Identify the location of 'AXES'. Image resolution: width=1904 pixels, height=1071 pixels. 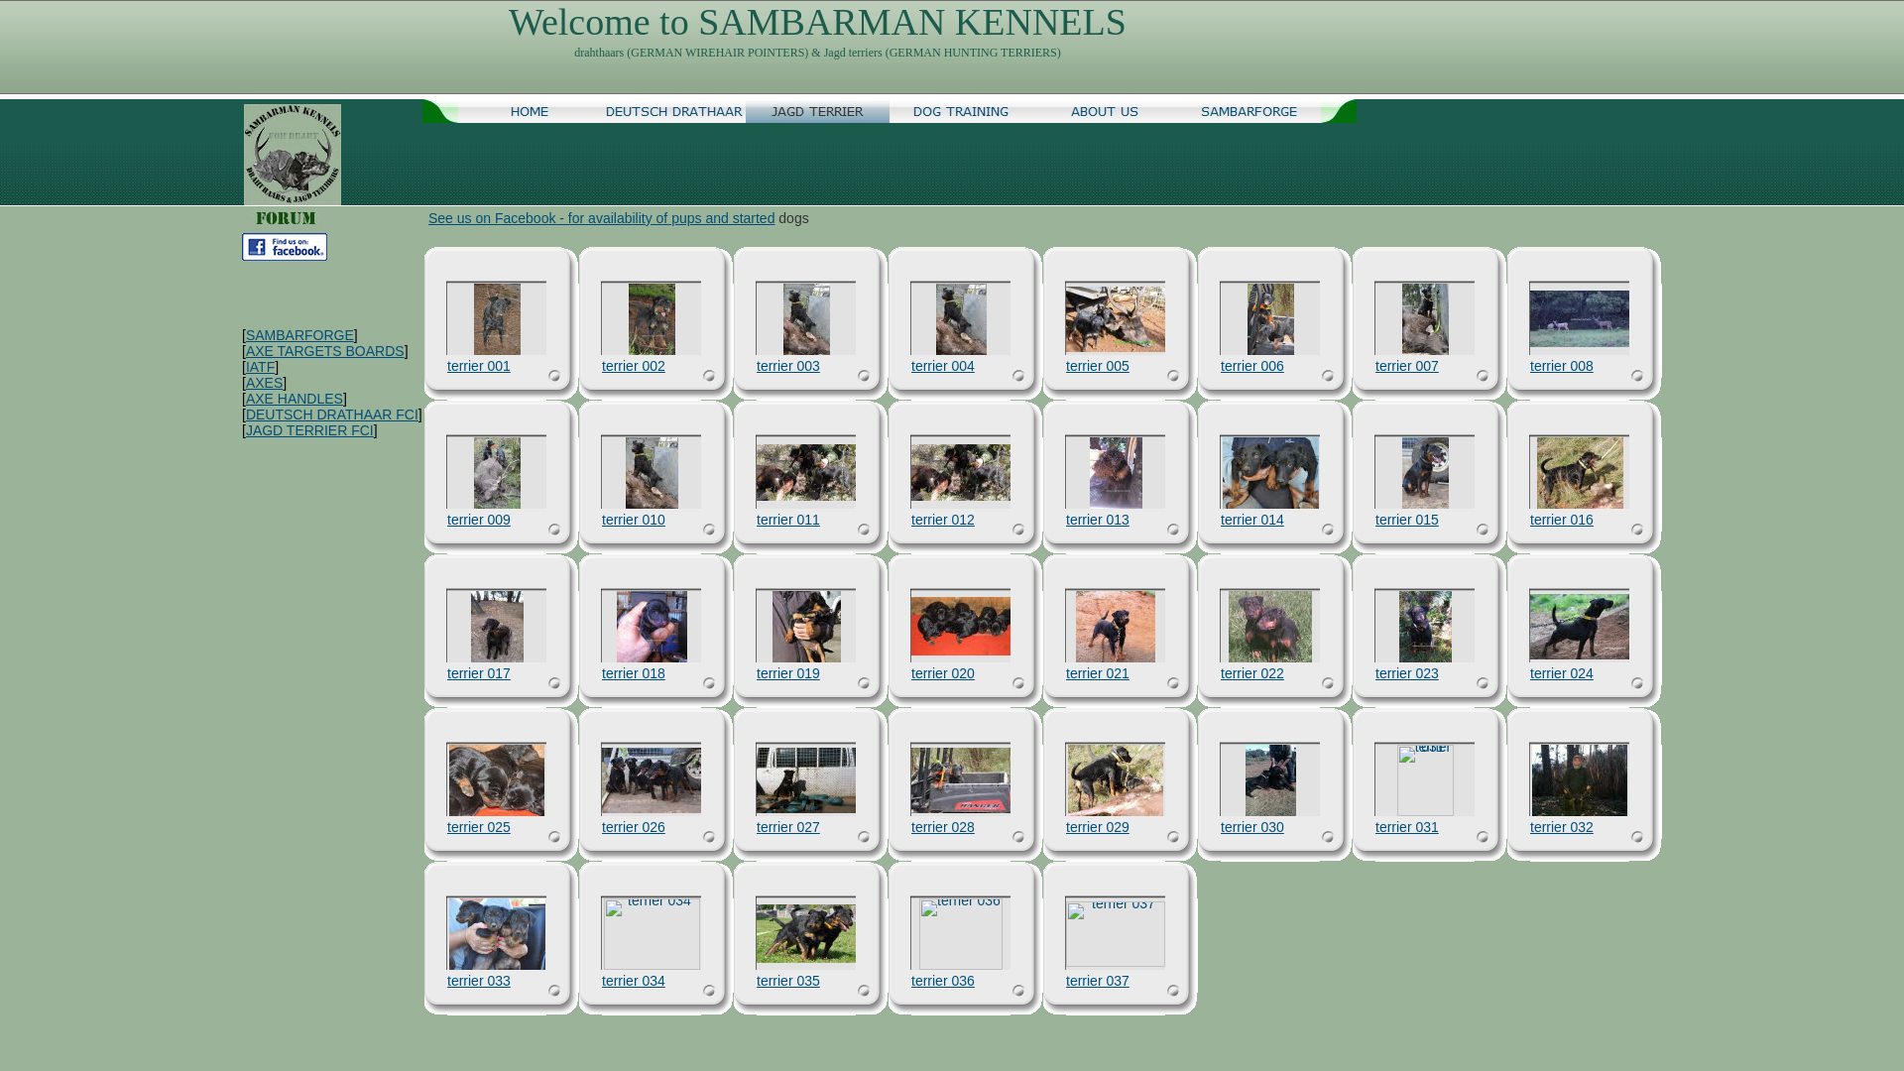
(263, 382).